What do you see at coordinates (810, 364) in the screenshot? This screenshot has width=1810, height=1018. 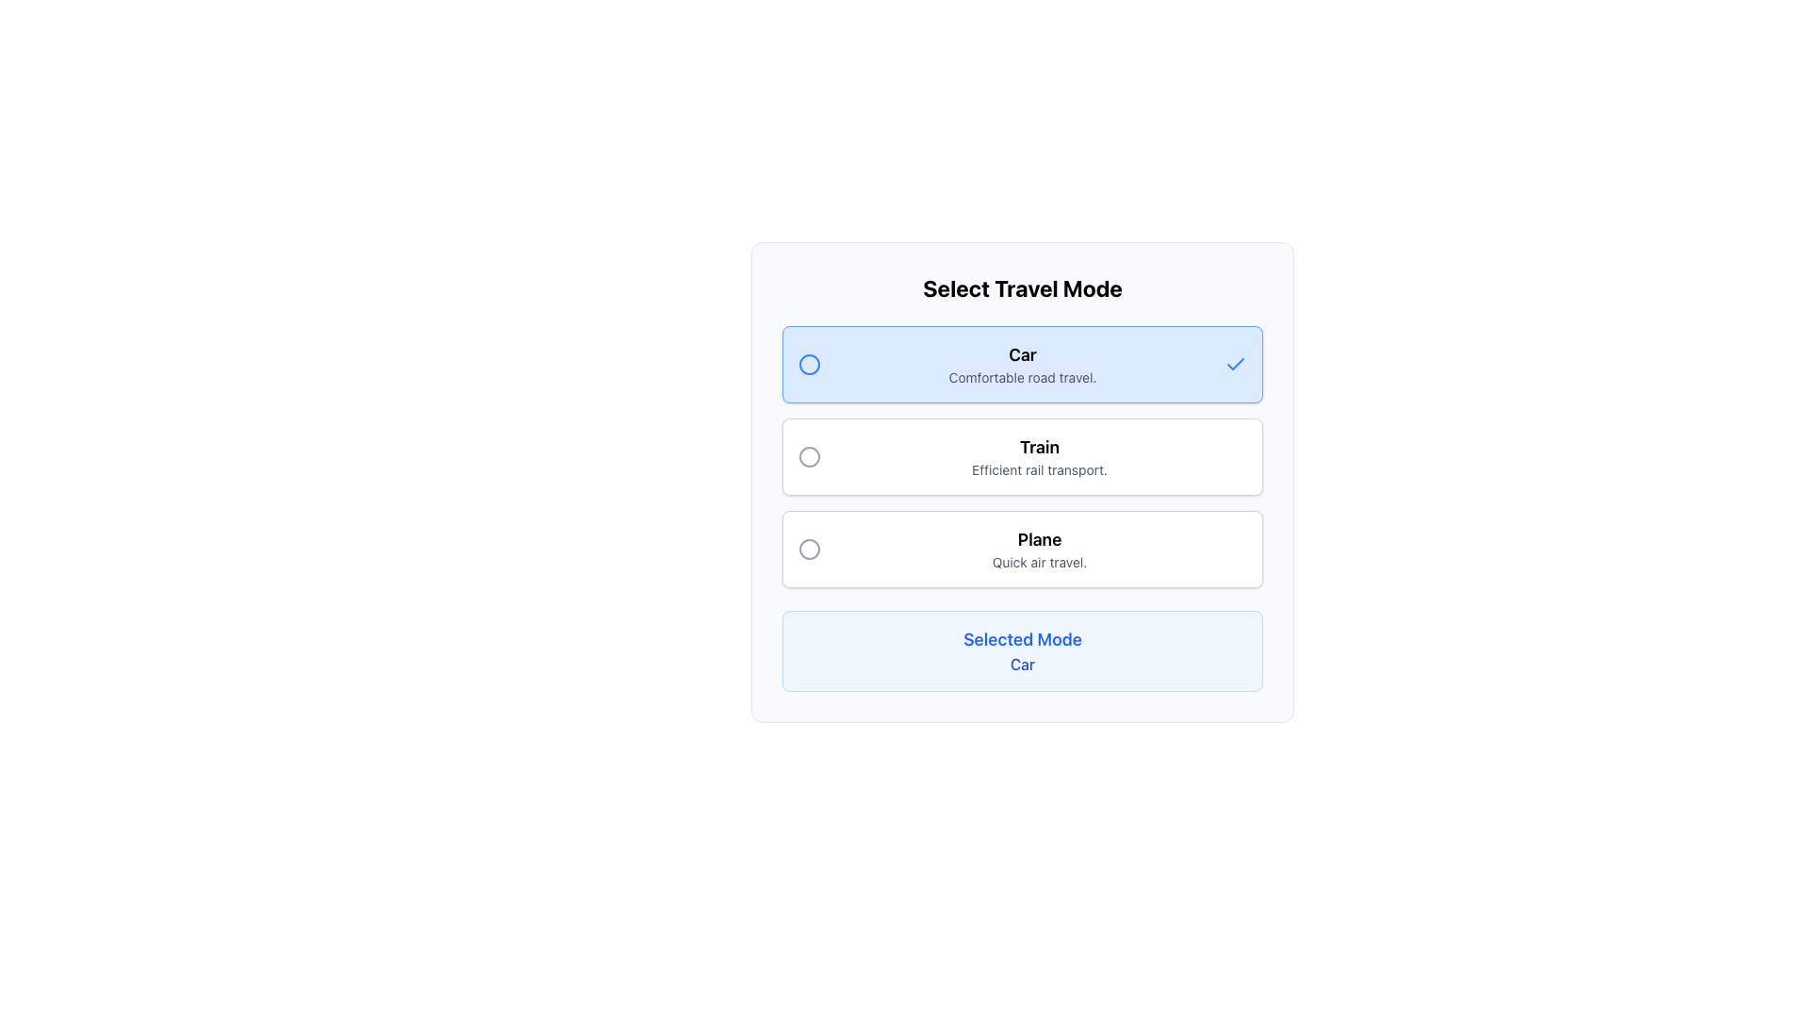 I see `the selection status indication of the 'Car' travel mode icon, which is the first item inside the card representing the 'Car' option, located in the top-left section of the card, adjacent to the title text 'Car'` at bounding box center [810, 364].